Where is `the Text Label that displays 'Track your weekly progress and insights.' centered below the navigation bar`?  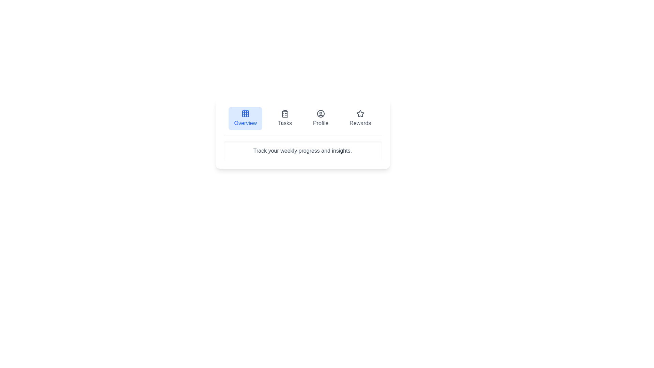
the Text Label that displays 'Track your weekly progress and insights.' centered below the navigation bar is located at coordinates (302, 151).